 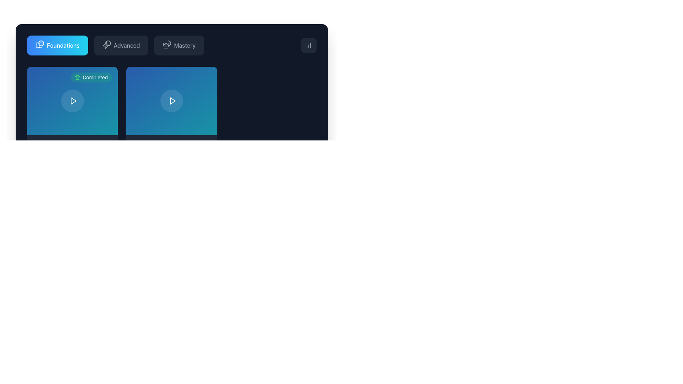 What do you see at coordinates (166, 45) in the screenshot?
I see `the crown icon with a gray outline that is positioned to the left of the 'Mastery' label` at bounding box center [166, 45].